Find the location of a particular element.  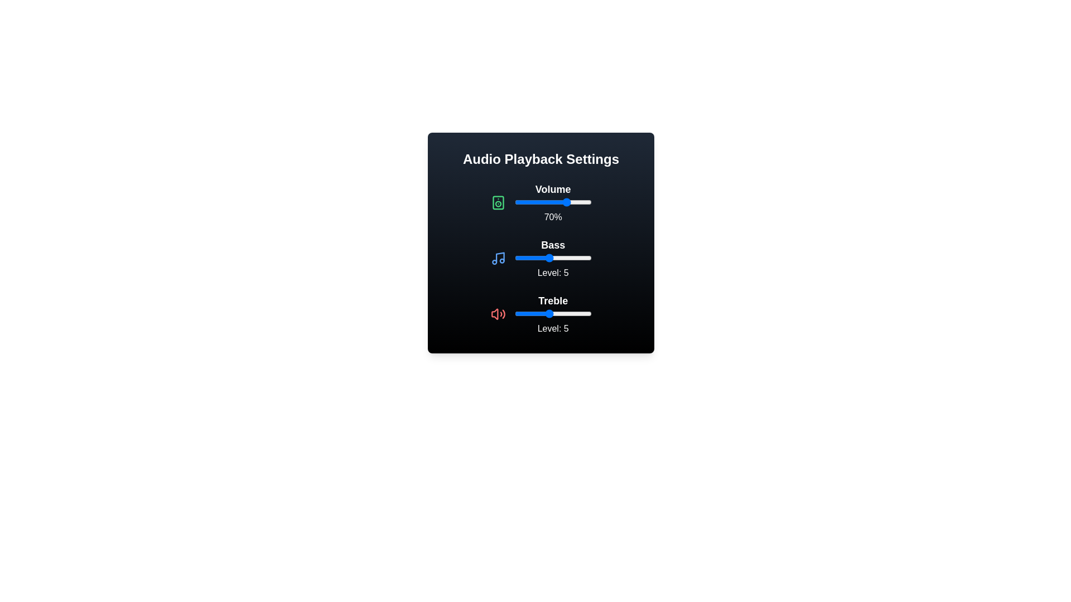

the treble control icon in the audio configuration interface for further interaction is located at coordinates (494, 314).